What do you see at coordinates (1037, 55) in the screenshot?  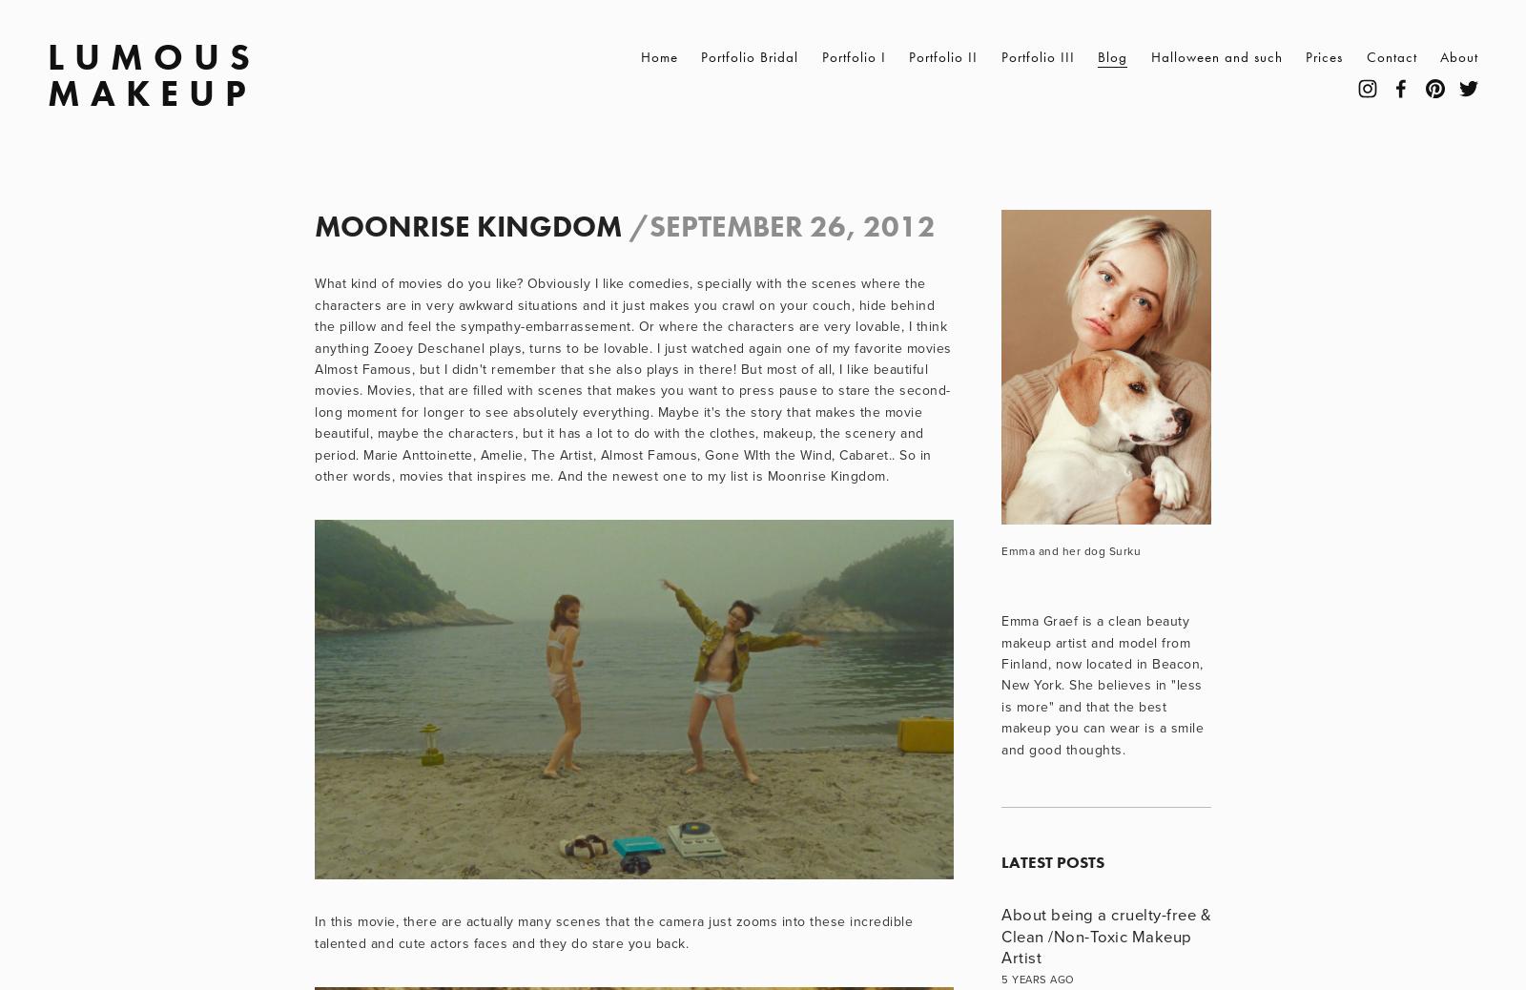 I see `'Portfolio III'` at bounding box center [1037, 55].